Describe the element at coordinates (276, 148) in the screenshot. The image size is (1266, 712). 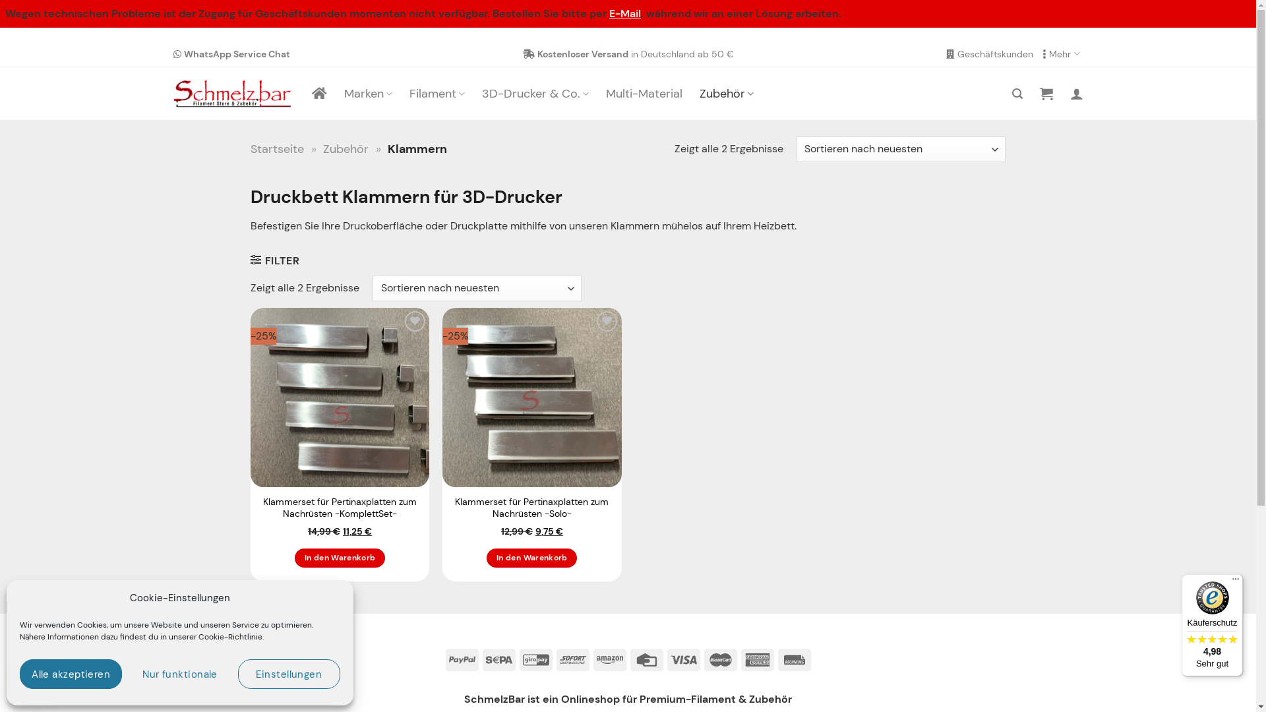
I see `'Startseite'` at that location.